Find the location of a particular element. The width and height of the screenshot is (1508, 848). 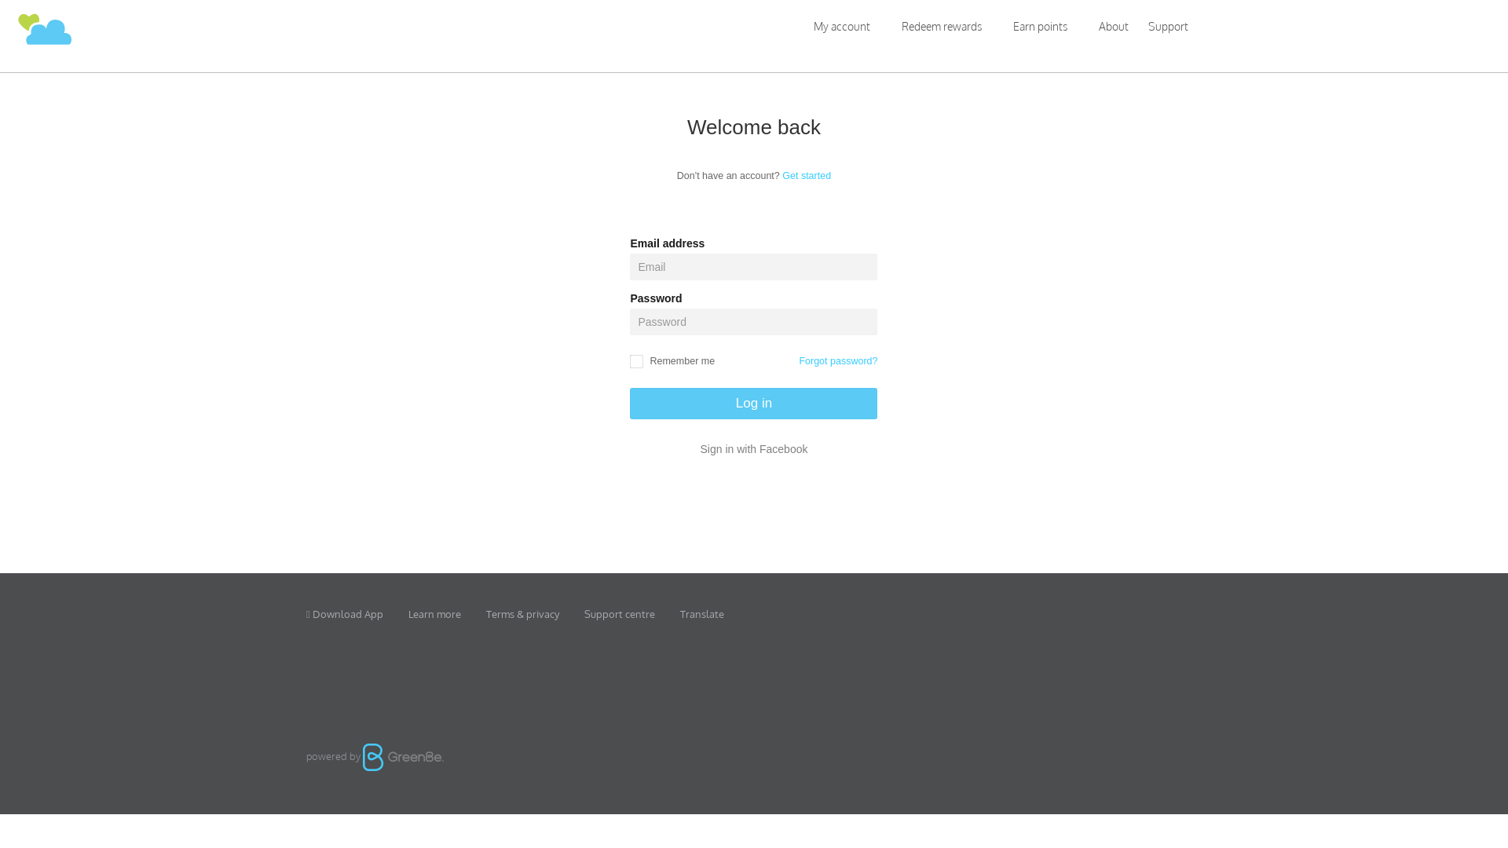

'Earn points' is located at coordinates (1040, 26).